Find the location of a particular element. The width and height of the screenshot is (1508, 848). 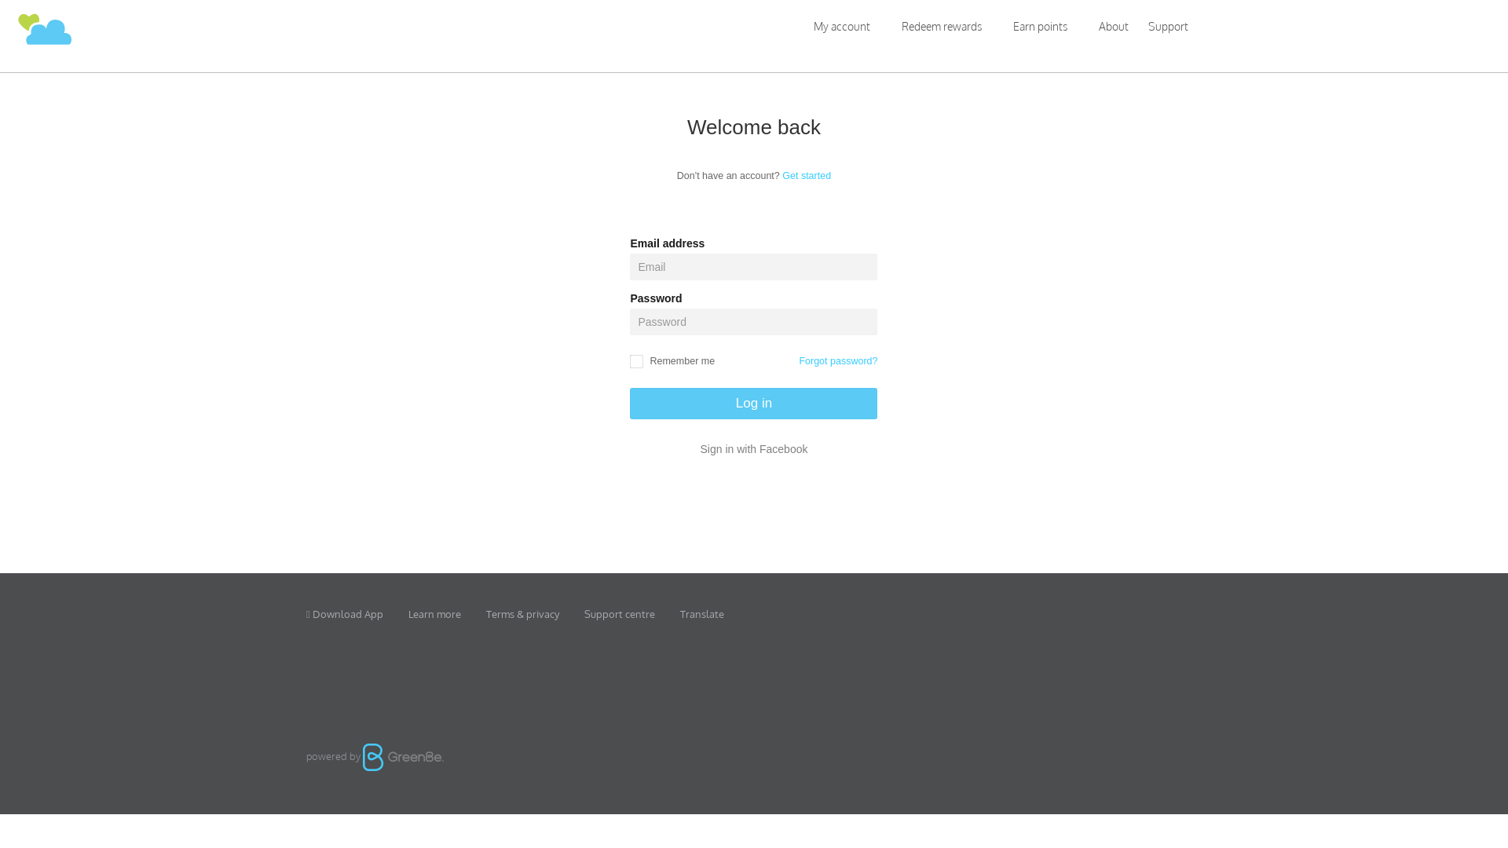

'Earn points' is located at coordinates (1040, 26).